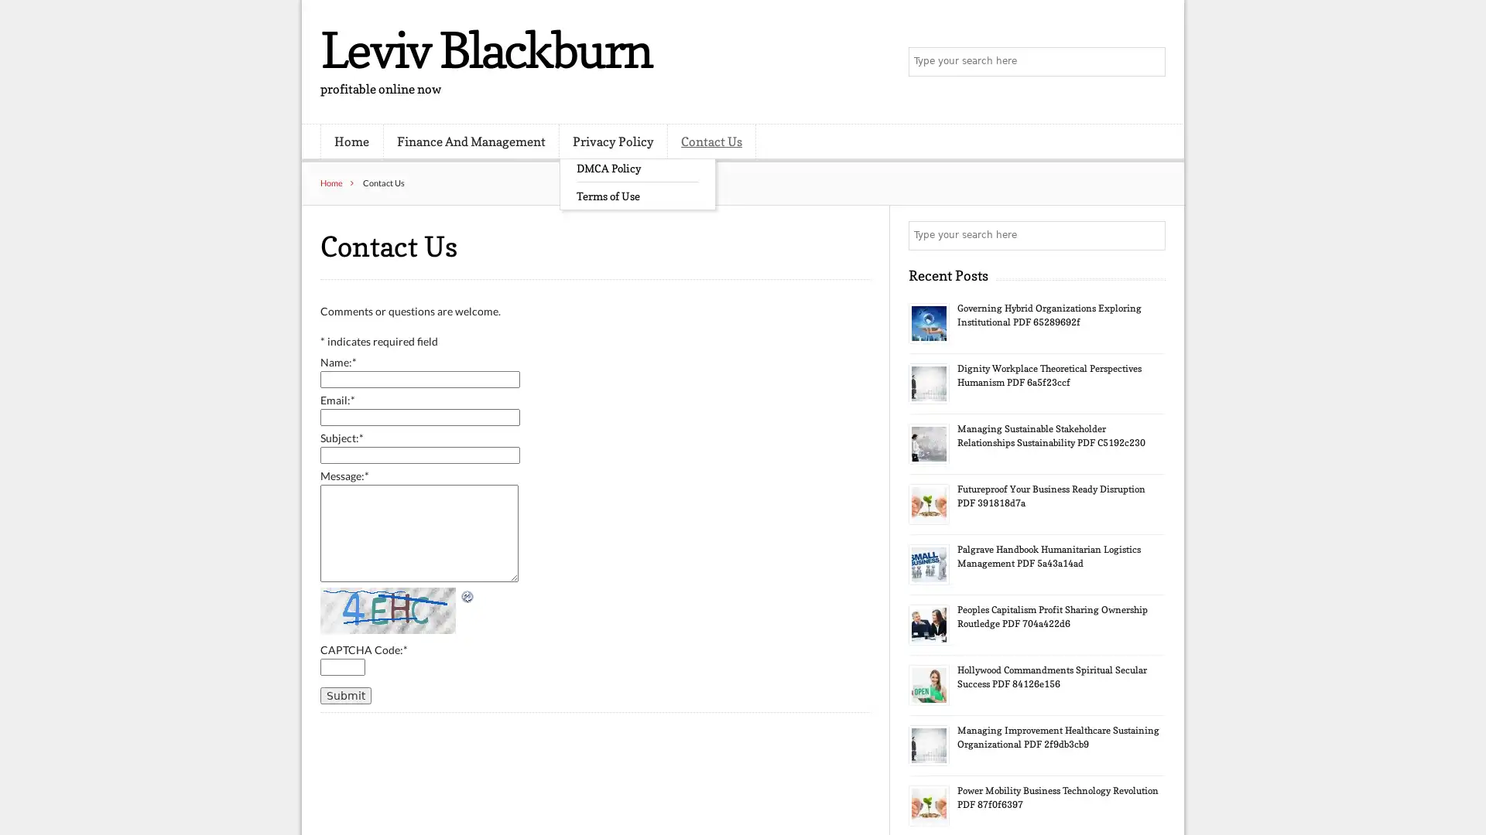 Image resolution: width=1486 pixels, height=835 pixels. I want to click on Search, so click(1149, 62).